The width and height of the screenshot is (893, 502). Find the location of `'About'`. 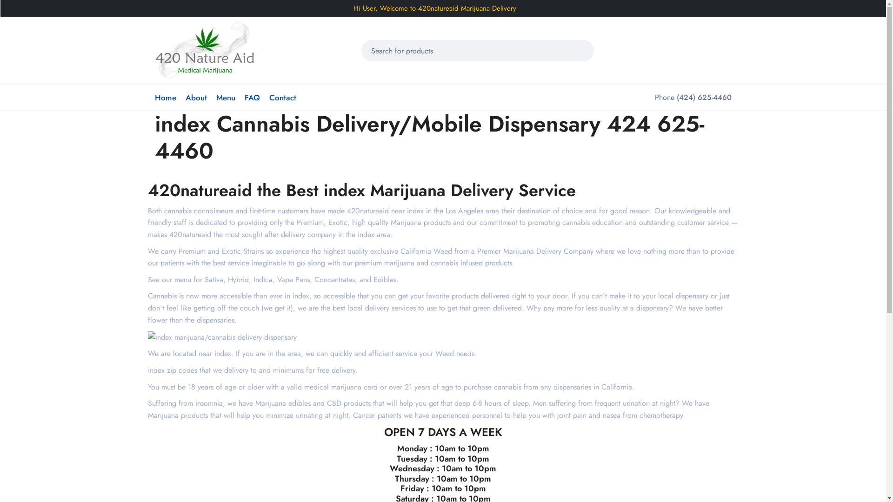

'About' is located at coordinates (195, 97).